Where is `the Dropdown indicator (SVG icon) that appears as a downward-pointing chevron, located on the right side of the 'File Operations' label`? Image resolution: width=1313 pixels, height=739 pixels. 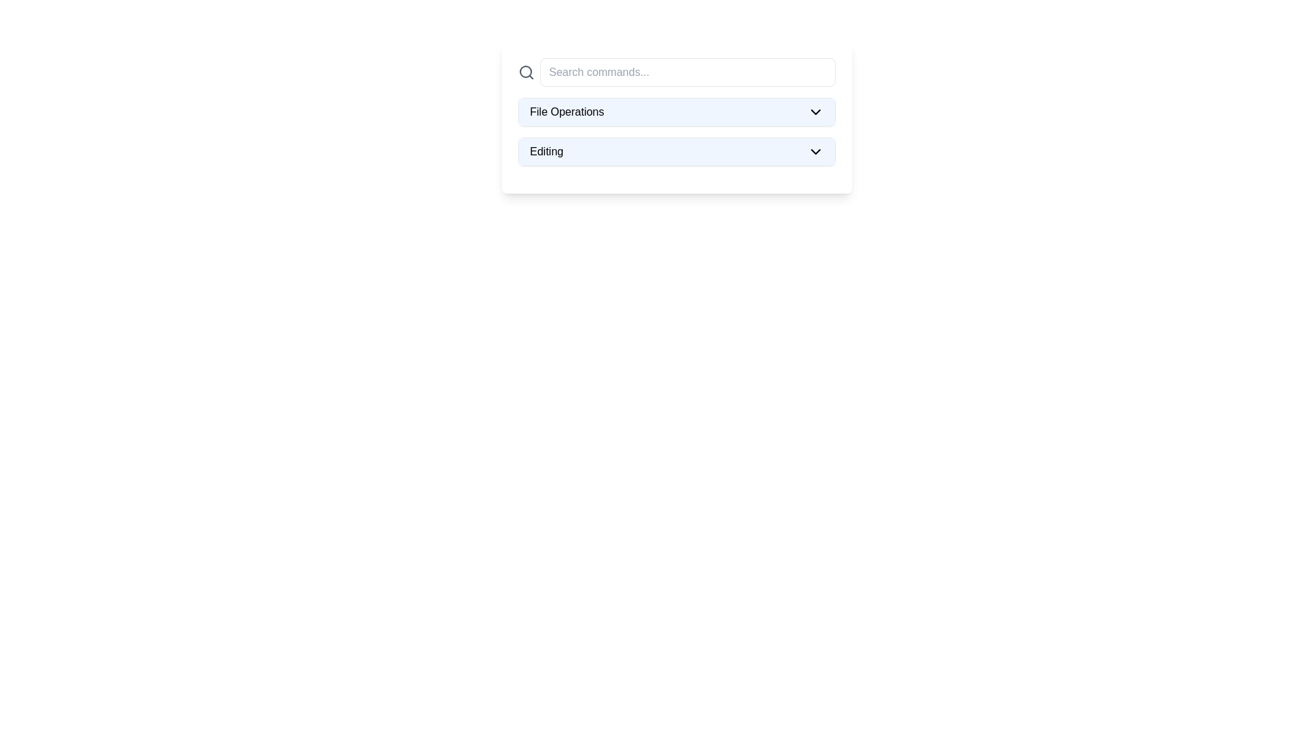 the Dropdown indicator (SVG icon) that appears as a downward-pointing chevron, located on the right side of the 'File Operations' label is located at coordinates (816, 112).